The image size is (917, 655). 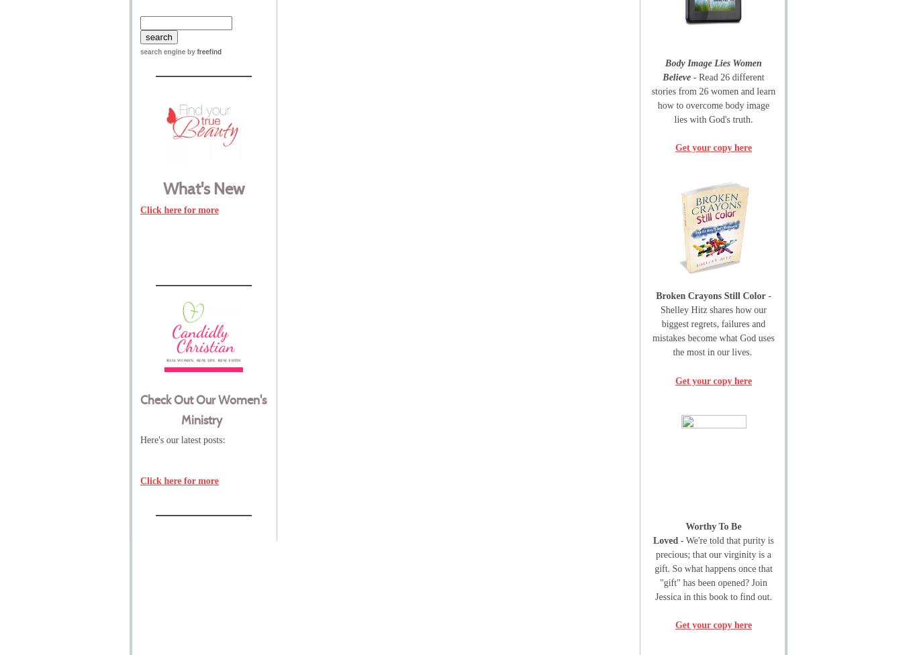 I want to click on 'Here's our latest posts:', so click(x=139, y=440).